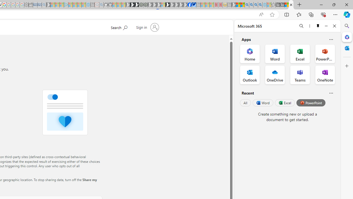 This screenshot has width=353, height=199. What do you see at coordinates (250, 54) in the screenshot?
I see `'Home Office App'` at bounding box center [250, 54].